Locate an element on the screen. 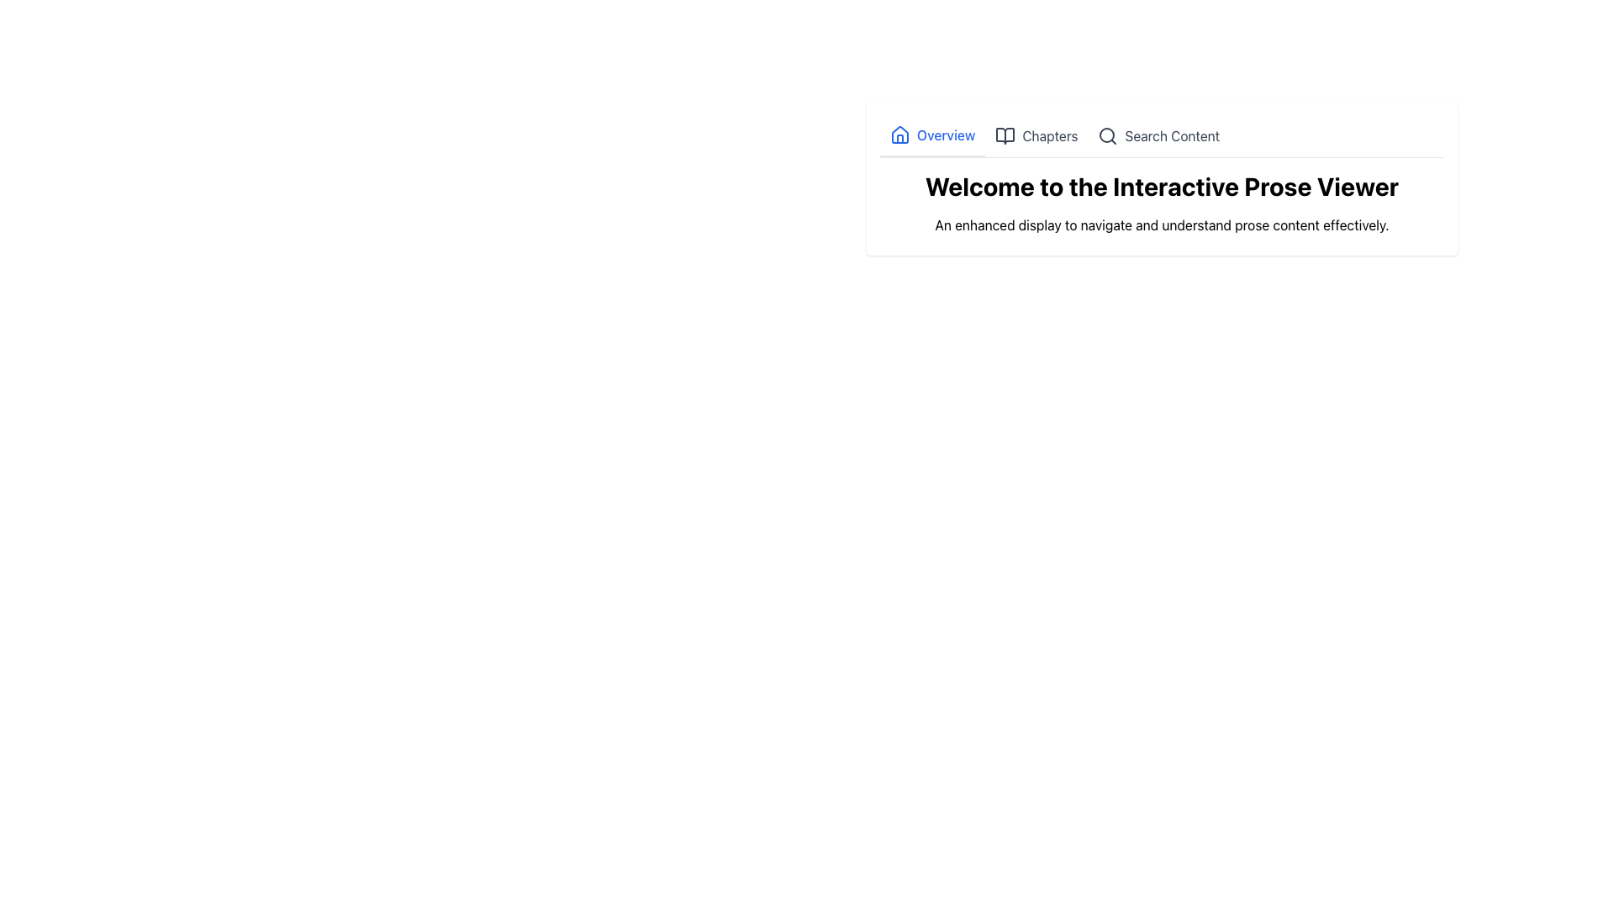  the 'Chapters' Navigation Tab, which features an open book icon followed by the text 'Chapters' in gray color is located at coordinates (1036, 135).